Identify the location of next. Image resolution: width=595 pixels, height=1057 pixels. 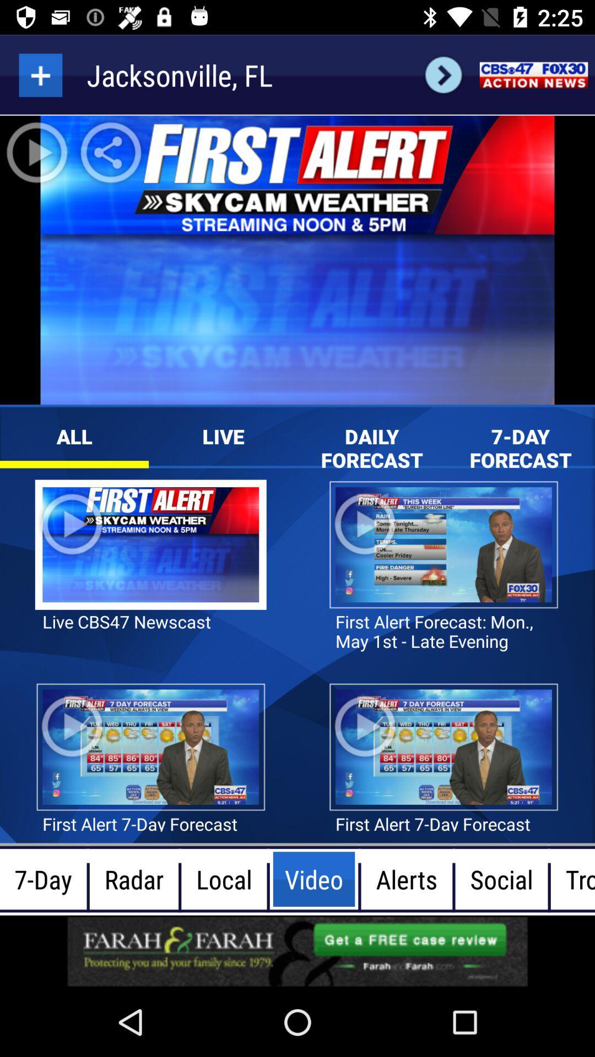
(443, 74).